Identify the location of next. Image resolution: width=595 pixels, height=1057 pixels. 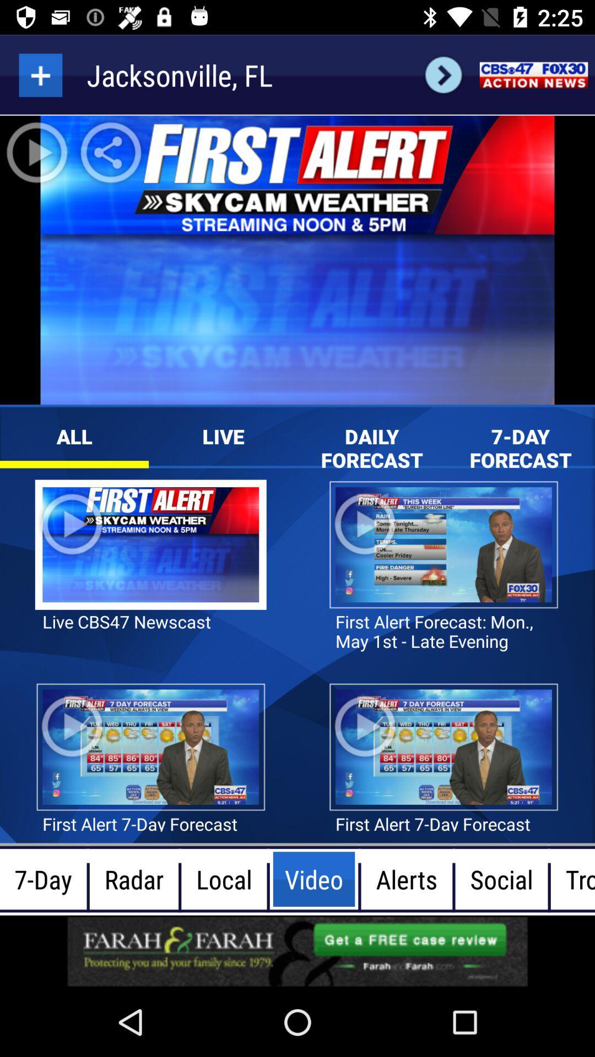
(443, 74).